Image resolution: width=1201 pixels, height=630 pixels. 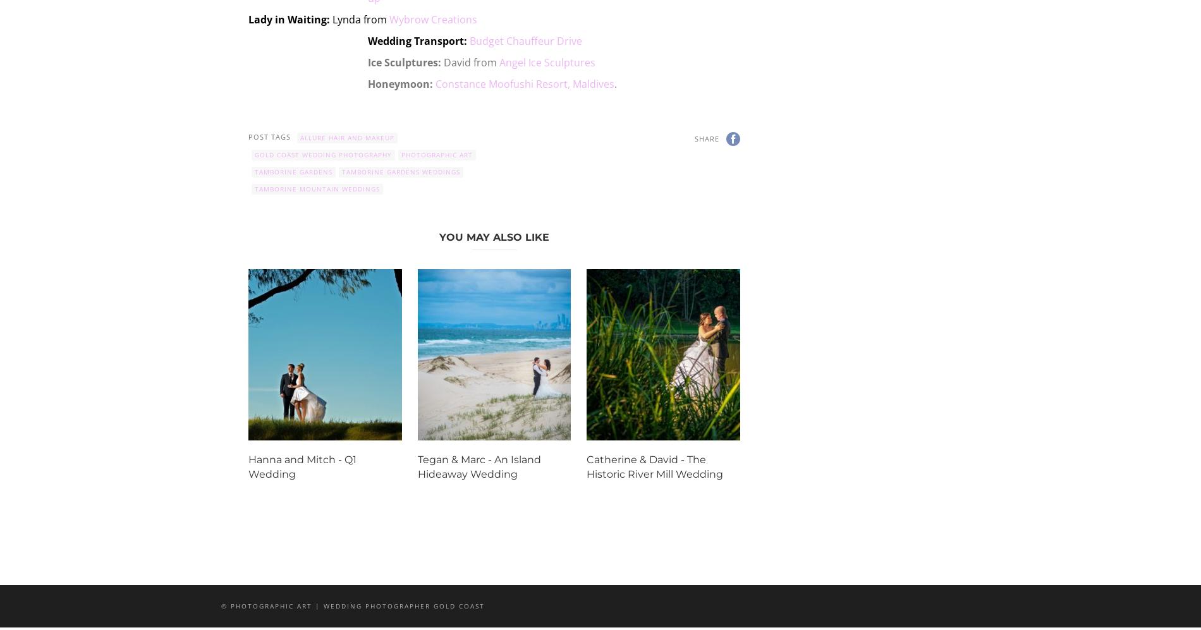 What do you see at coordinates (437, 154) in the screenshot?
I see `'photographic art'` at bounding box center [437, 154].